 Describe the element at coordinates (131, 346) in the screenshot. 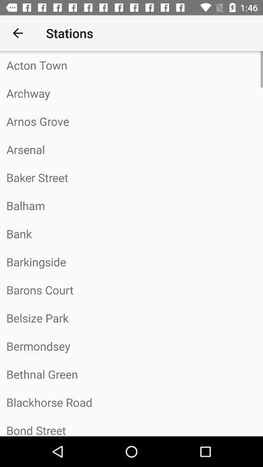

I see `the icon above bethnal green` at that location.